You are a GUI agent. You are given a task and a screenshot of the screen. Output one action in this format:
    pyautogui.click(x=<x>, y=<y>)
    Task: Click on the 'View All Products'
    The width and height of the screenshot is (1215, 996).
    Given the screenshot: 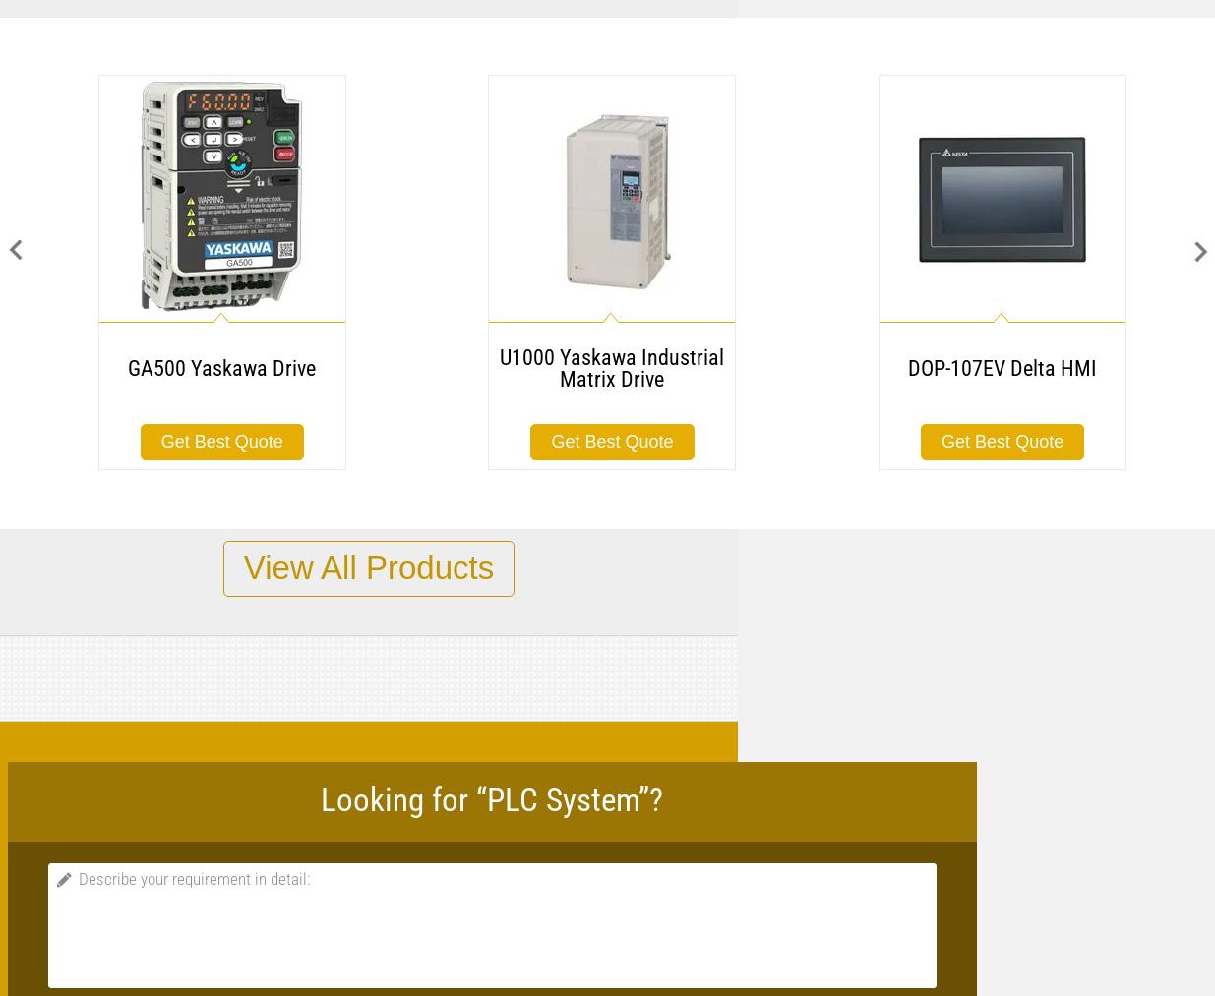 What is the action you would take?
    pyautogui.click(x=368, y=566)
    